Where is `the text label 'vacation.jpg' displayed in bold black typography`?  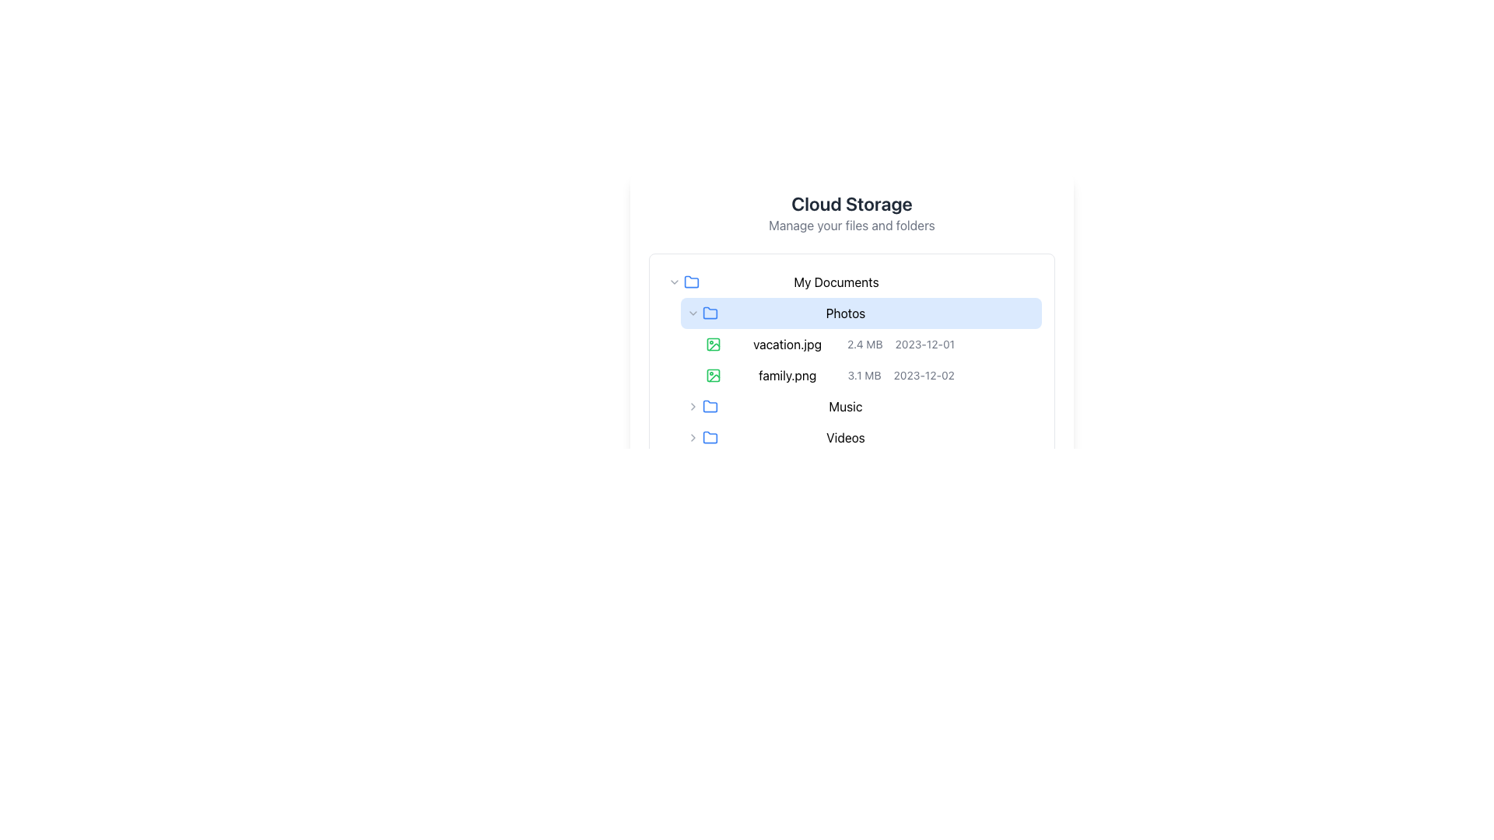
the text label 'vacation.jpg' displayed in bold black typography is located at coordinates (787, 344).